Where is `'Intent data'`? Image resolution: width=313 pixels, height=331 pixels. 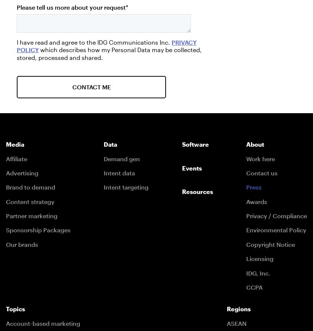 'Intent data' is located at coordinates (103, 172).